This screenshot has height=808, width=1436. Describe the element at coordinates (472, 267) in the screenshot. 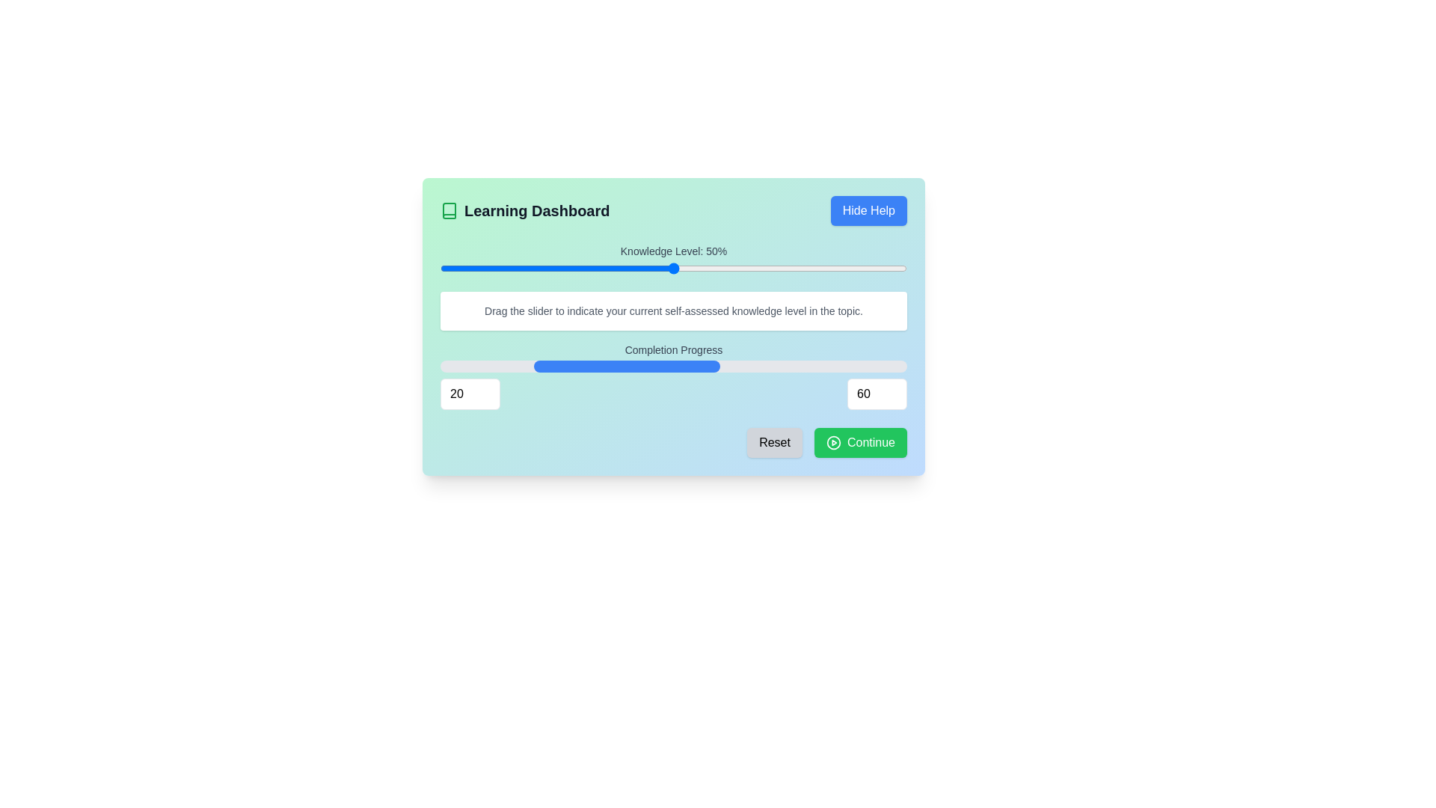

I see `the knowledge level` at that location.